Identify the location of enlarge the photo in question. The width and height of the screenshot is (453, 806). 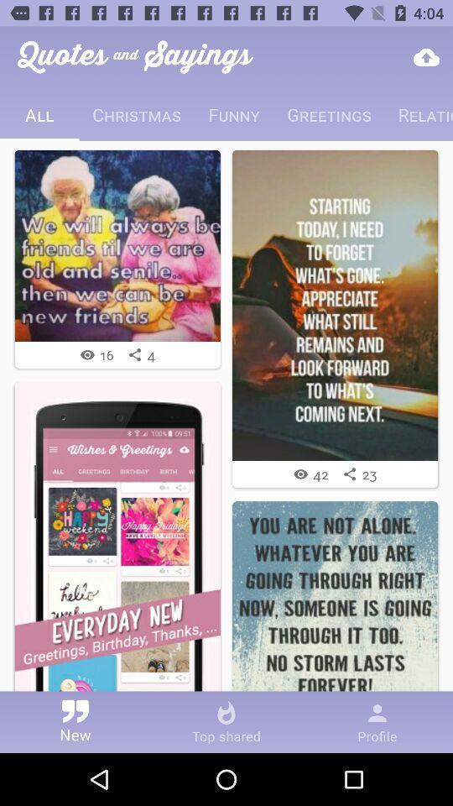
(117, 244).